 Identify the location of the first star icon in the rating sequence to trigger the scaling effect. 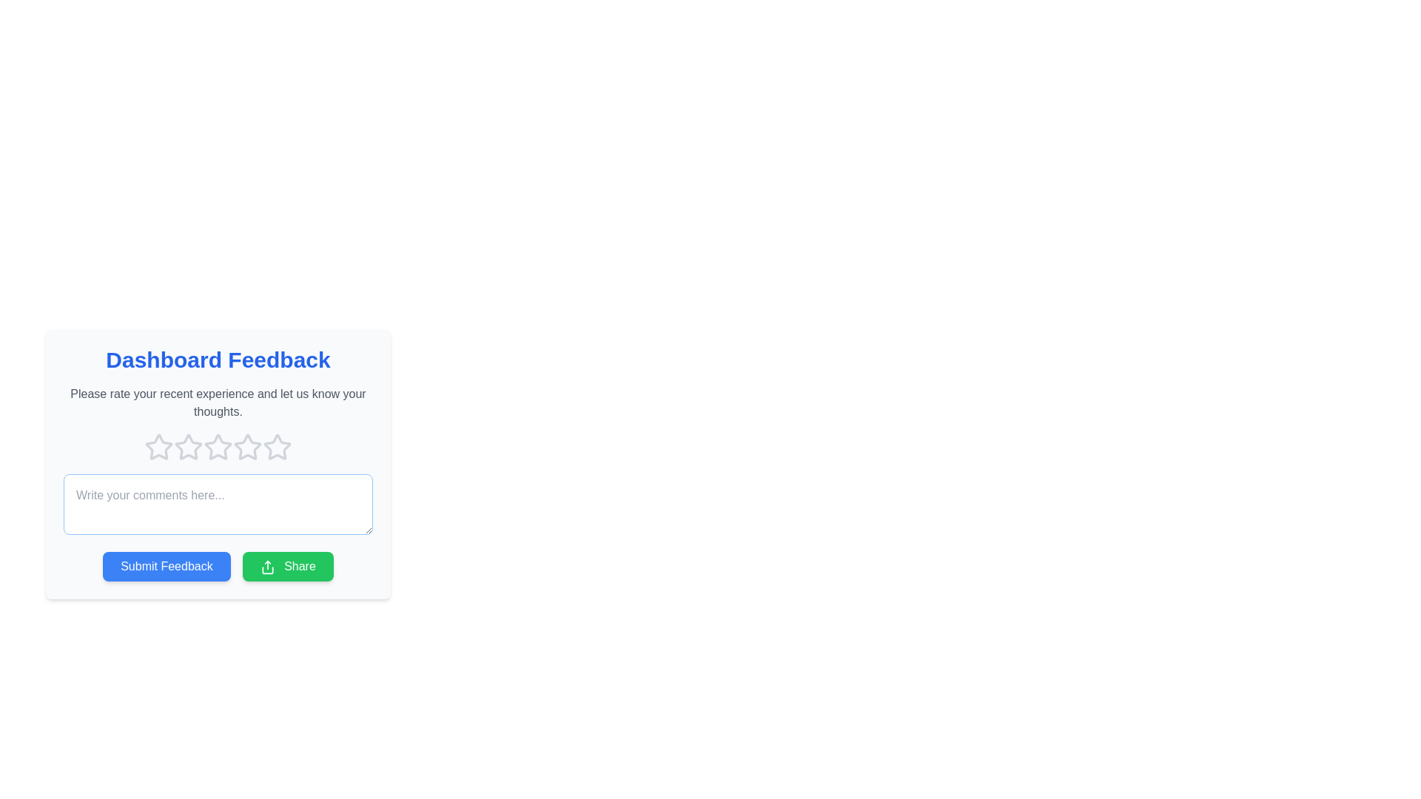
(159, 447).